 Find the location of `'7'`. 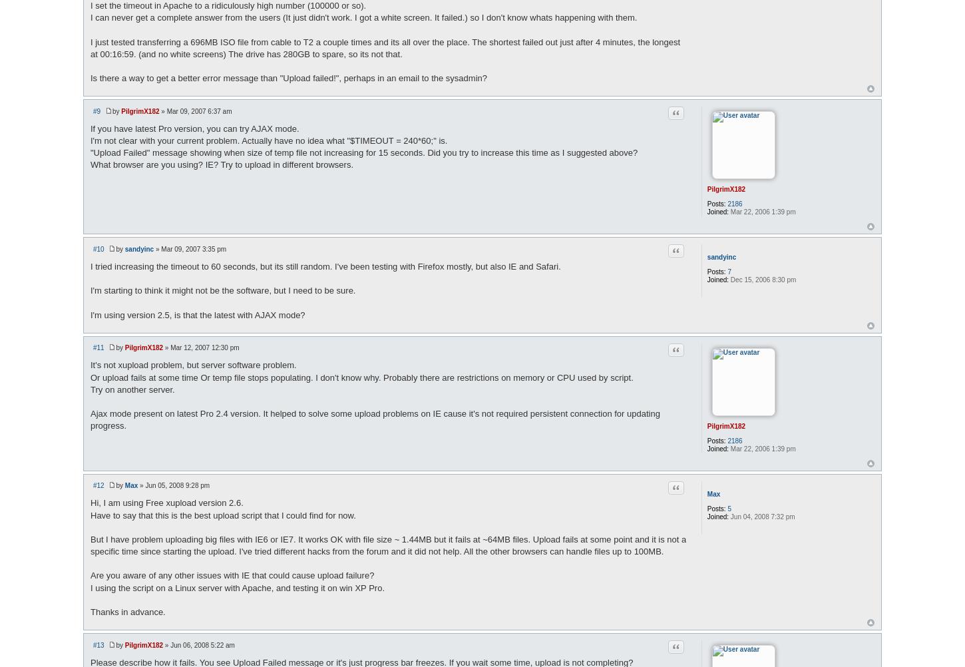

'7' is located at coordinates (727, 272).